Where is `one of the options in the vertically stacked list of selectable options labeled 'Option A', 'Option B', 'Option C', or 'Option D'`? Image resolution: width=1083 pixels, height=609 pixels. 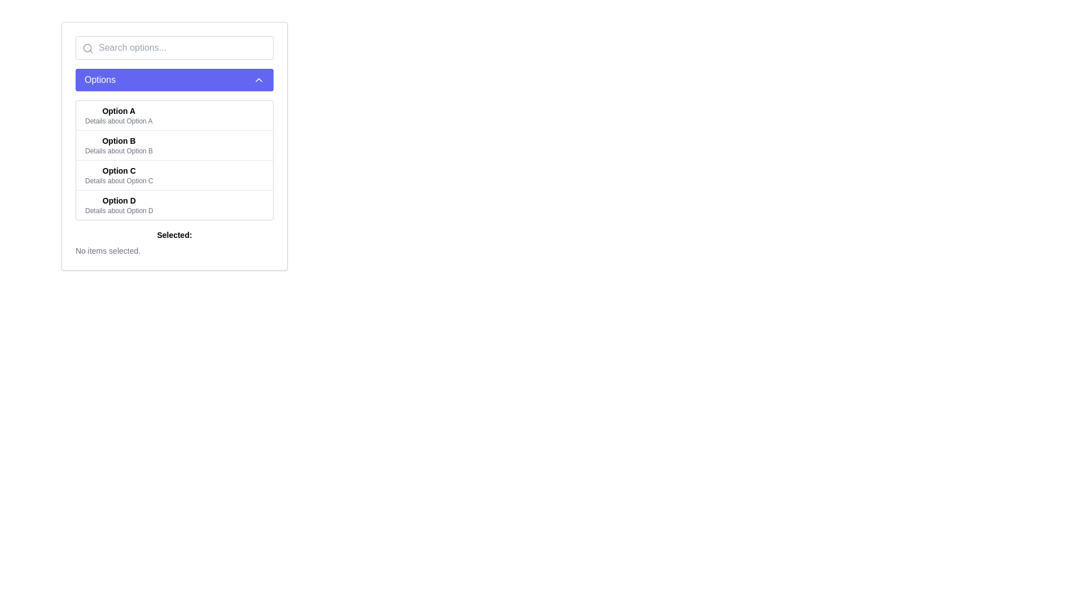
one of the options in the vertically stacked list of selectable options labeled 'Option A', 'Option B', 'Option C', or 'Option D' is located at coordinates (174, 160).